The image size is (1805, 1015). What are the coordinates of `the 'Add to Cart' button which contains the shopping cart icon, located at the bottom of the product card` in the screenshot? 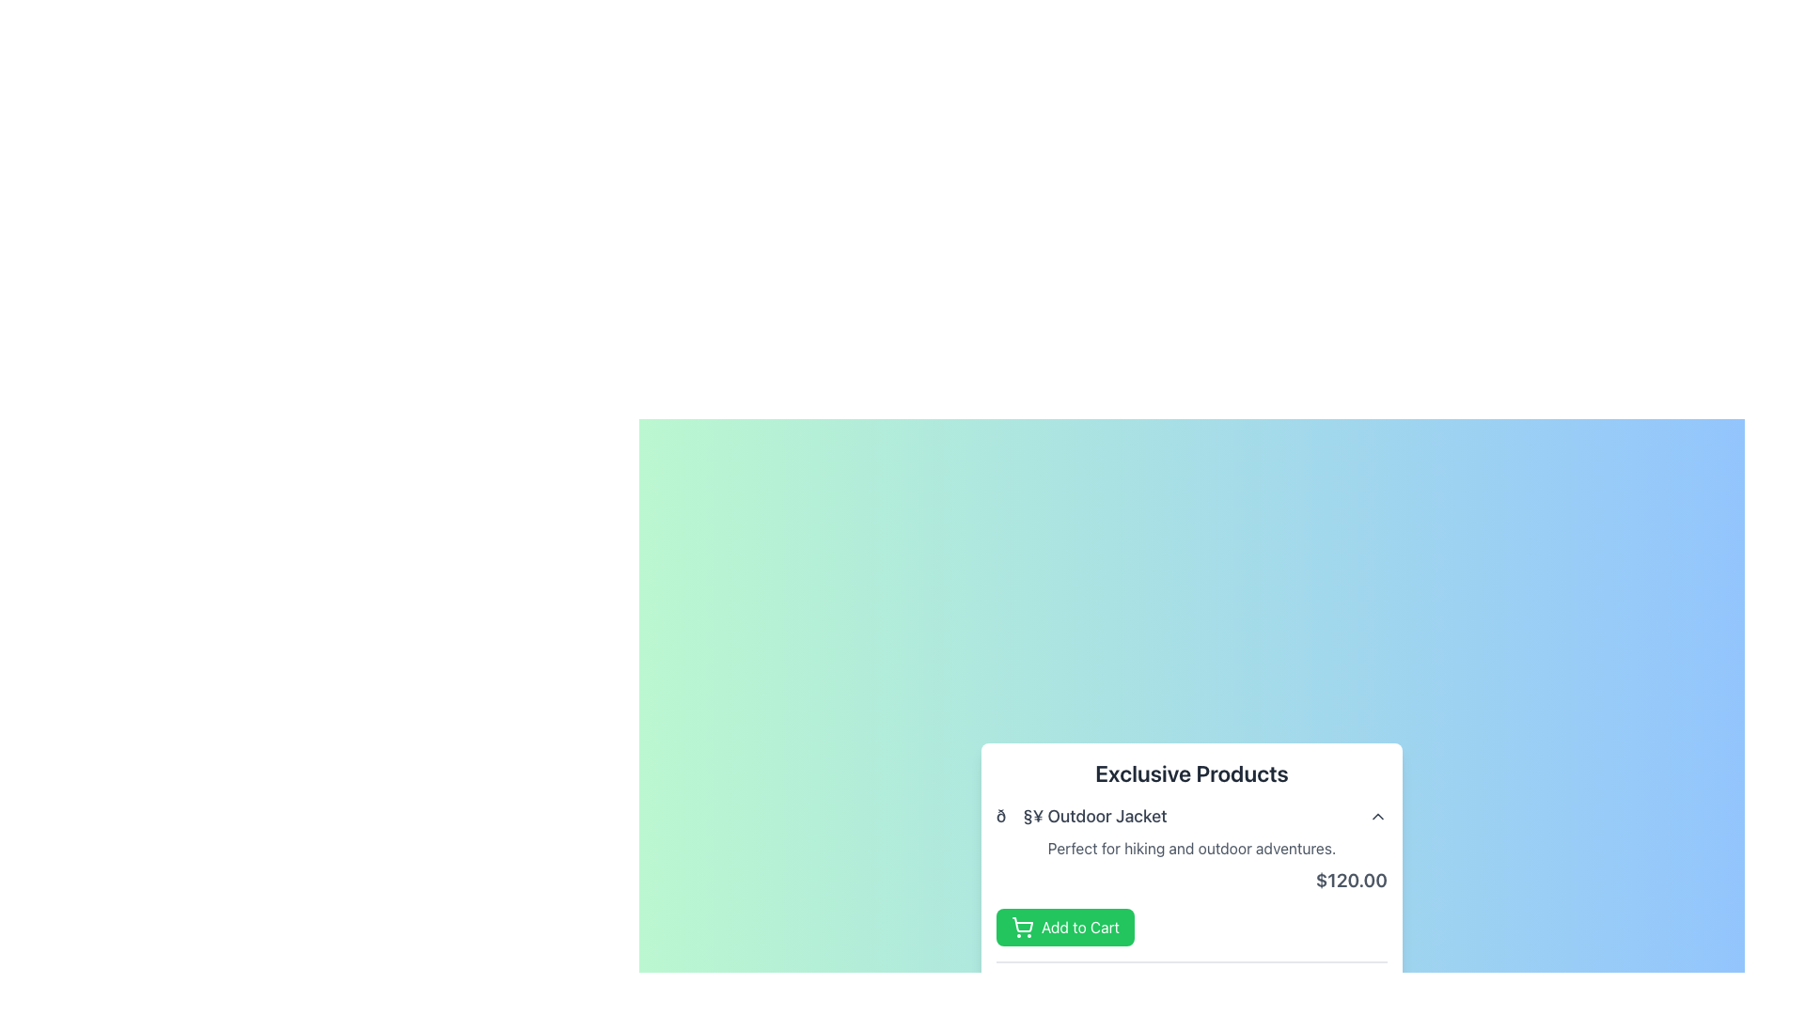 It's located at (1022, 927).